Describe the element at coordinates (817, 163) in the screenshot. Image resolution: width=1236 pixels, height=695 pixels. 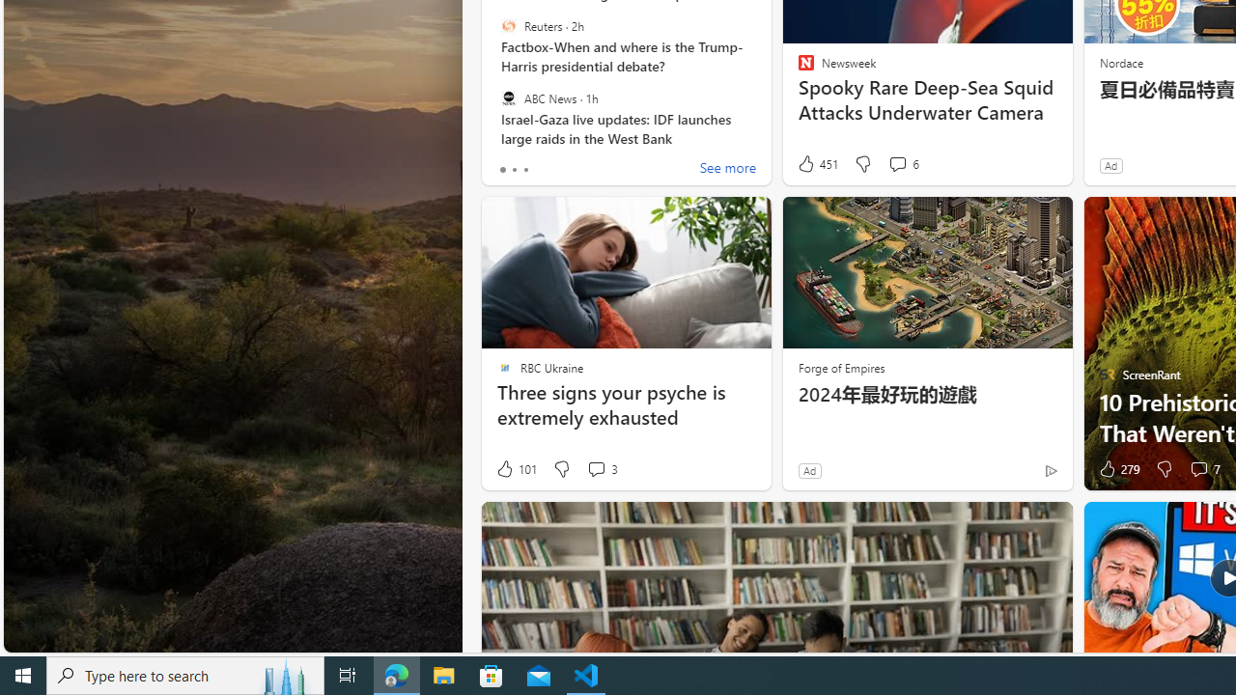
I see `'451 Like'` at that location.